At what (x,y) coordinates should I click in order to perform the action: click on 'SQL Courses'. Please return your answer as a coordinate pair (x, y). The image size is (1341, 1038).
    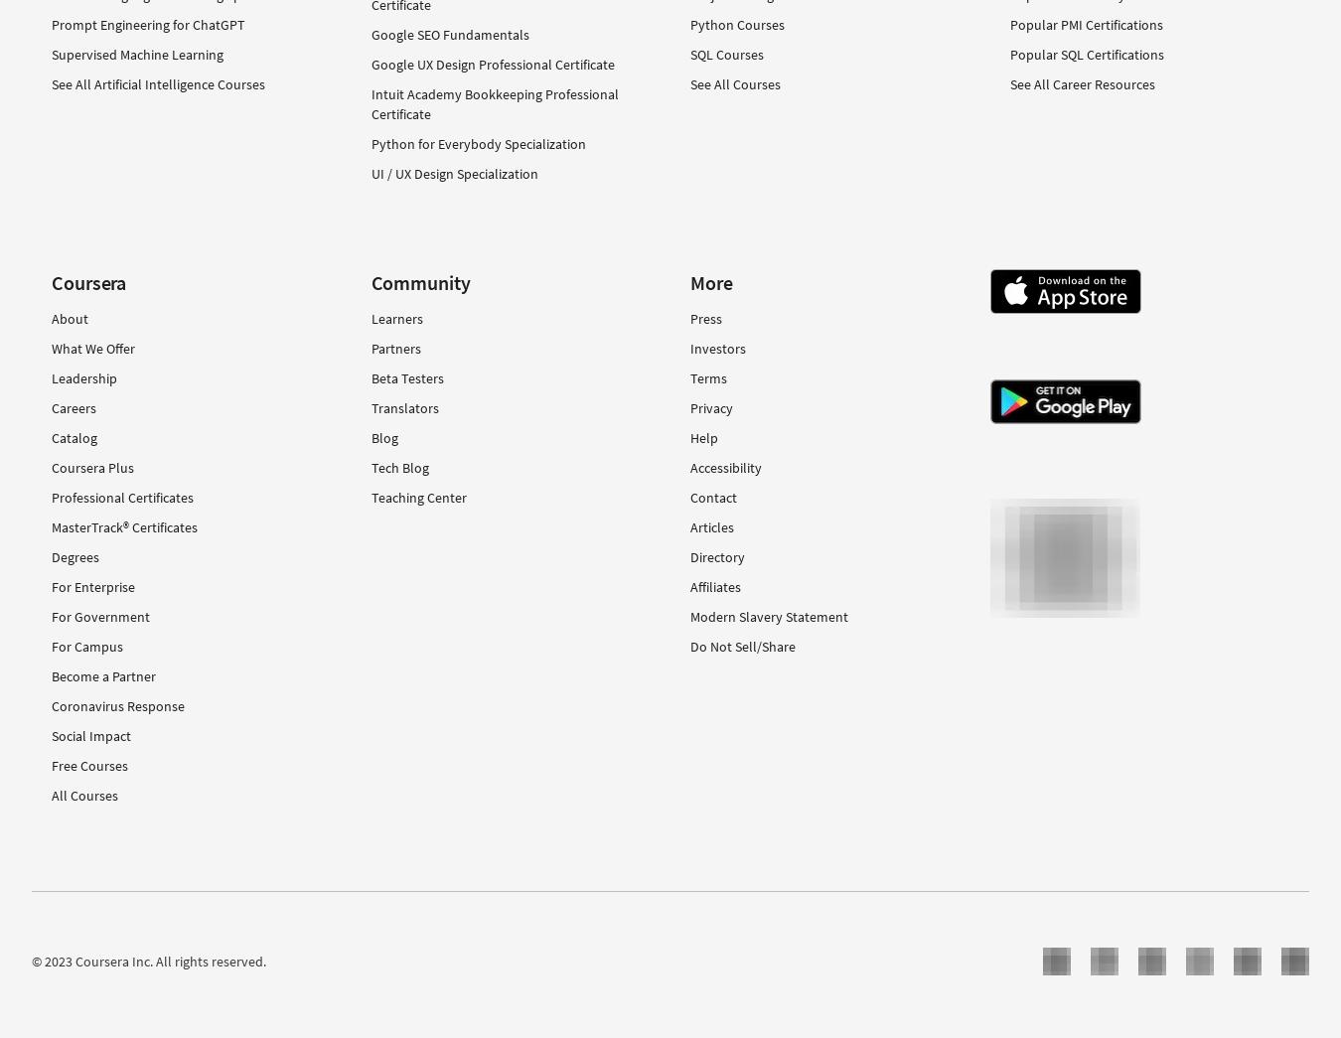
    Looking at the image, I should click on (725, 53).